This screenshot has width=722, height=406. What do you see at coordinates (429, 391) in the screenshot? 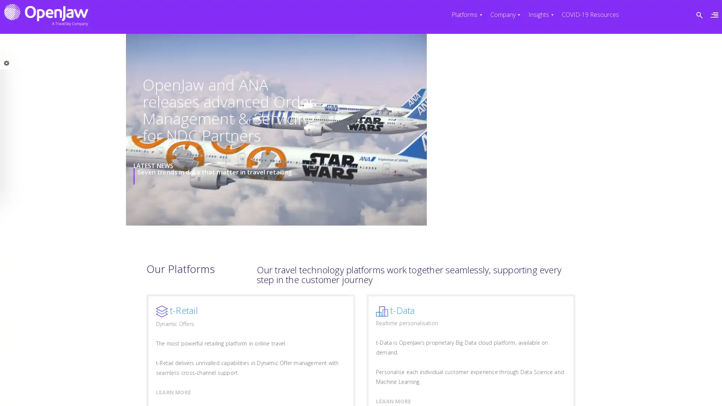
I see `Accept` at bounding box center [429, 391].